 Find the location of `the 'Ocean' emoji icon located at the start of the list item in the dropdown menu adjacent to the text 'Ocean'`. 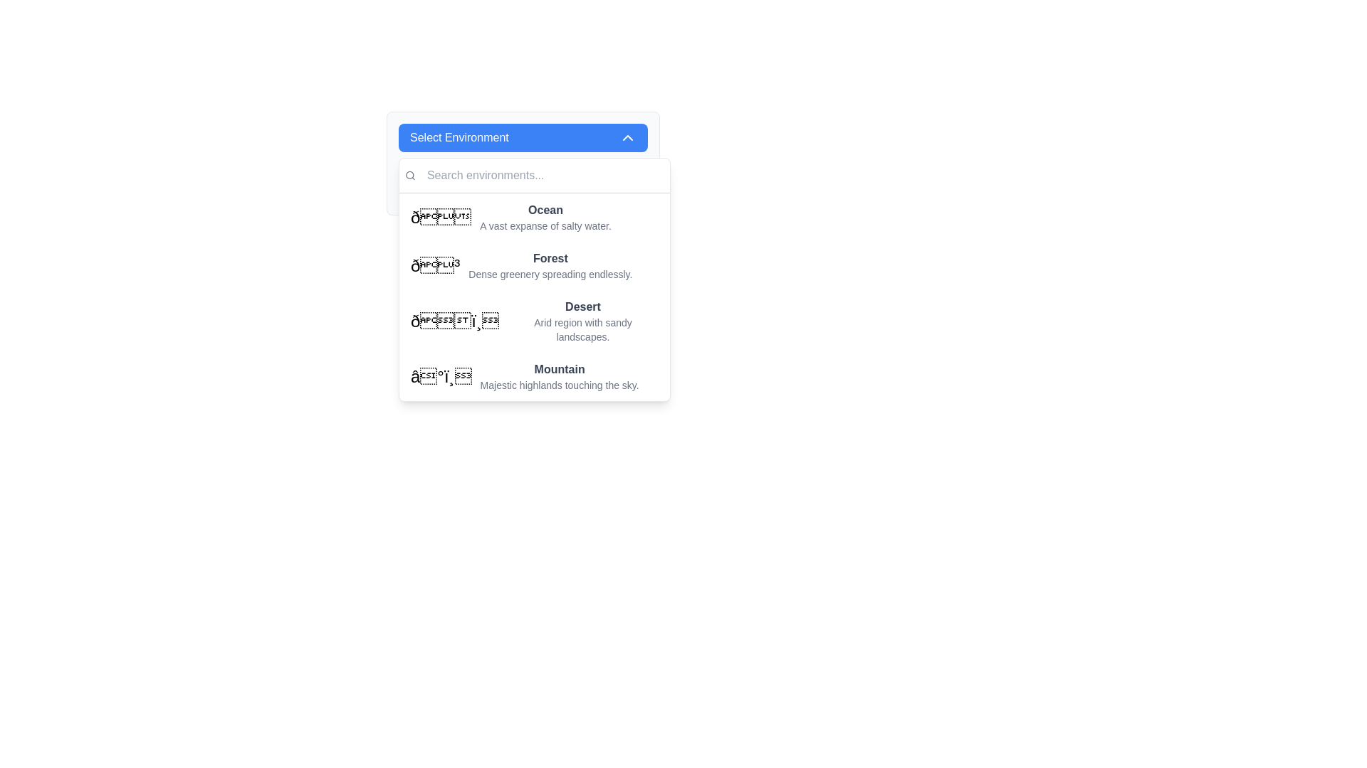

the 'Ocean' emoji icon located at the start of the list item in the dropdown menu adjacent to the text 'Ocean' is located at coordinates (440, 217).